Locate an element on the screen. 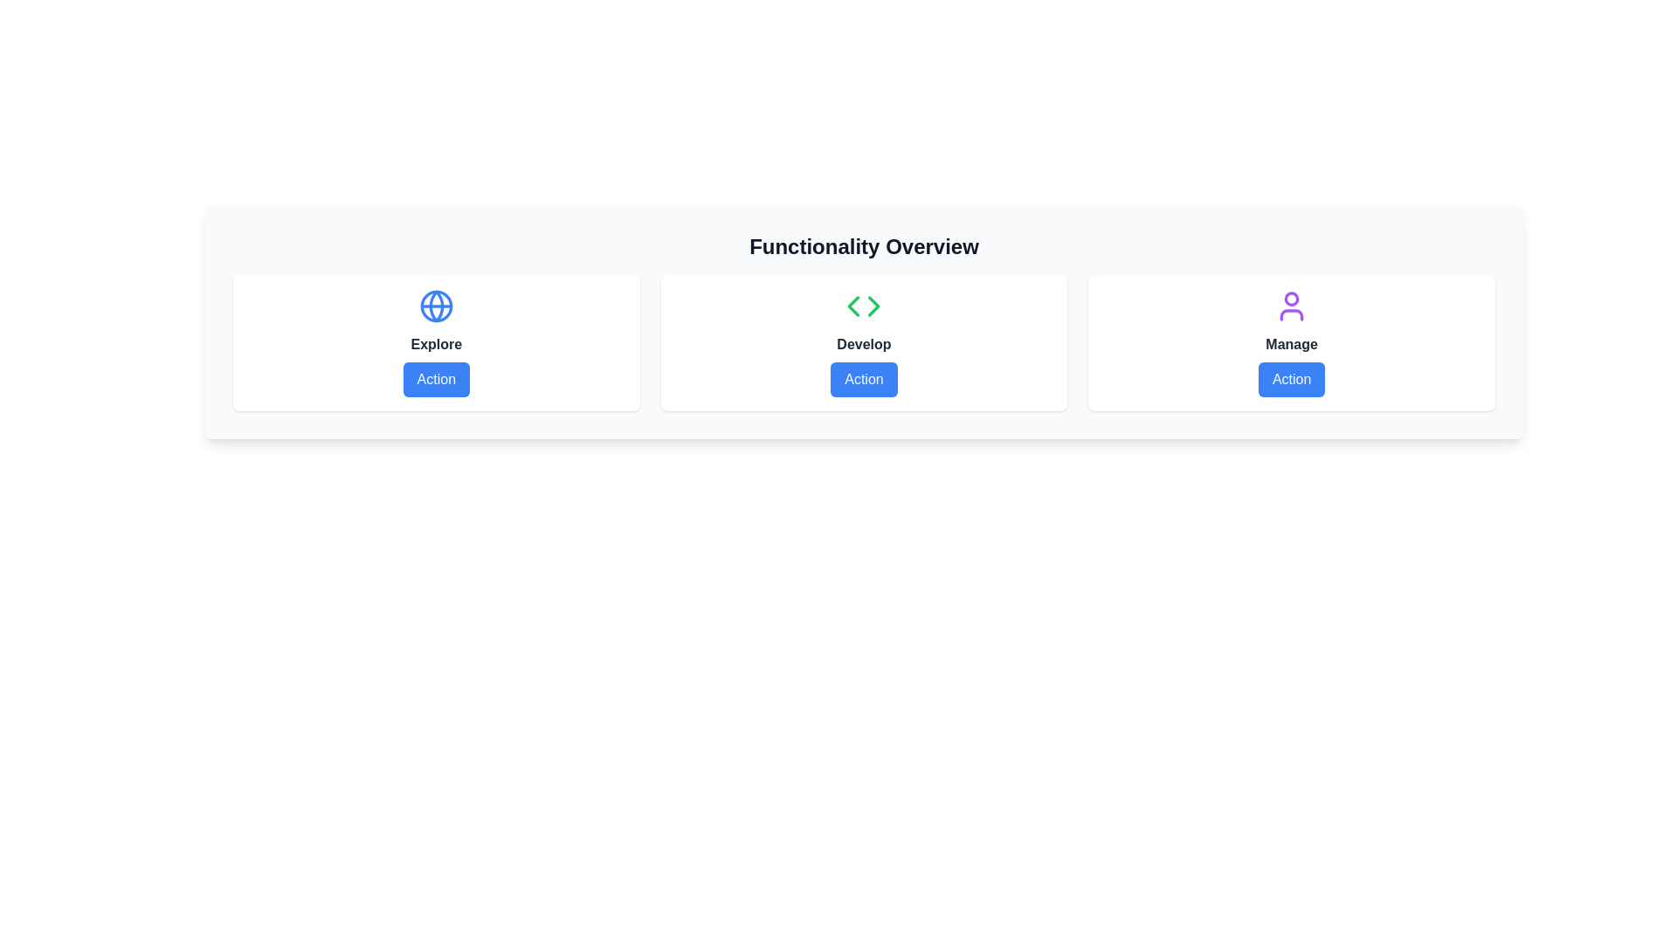 Image resolution: width=1677 pixels, height=943 pixels. the interactive button located at the bottom of the 'Explore' section, directly under the 'Explore' label is located at coordinates (436, 379).